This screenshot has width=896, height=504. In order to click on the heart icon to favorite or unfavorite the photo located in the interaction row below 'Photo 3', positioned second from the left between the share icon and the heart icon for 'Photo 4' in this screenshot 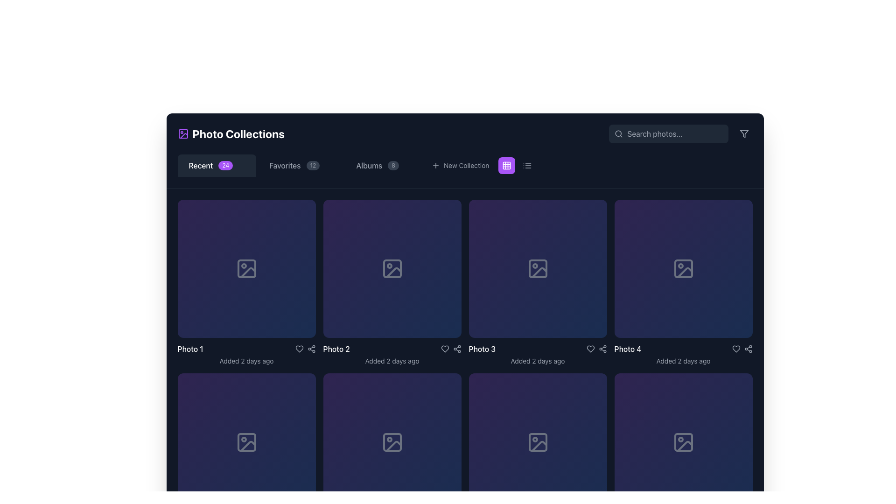, I will do `click(444, 349)`.